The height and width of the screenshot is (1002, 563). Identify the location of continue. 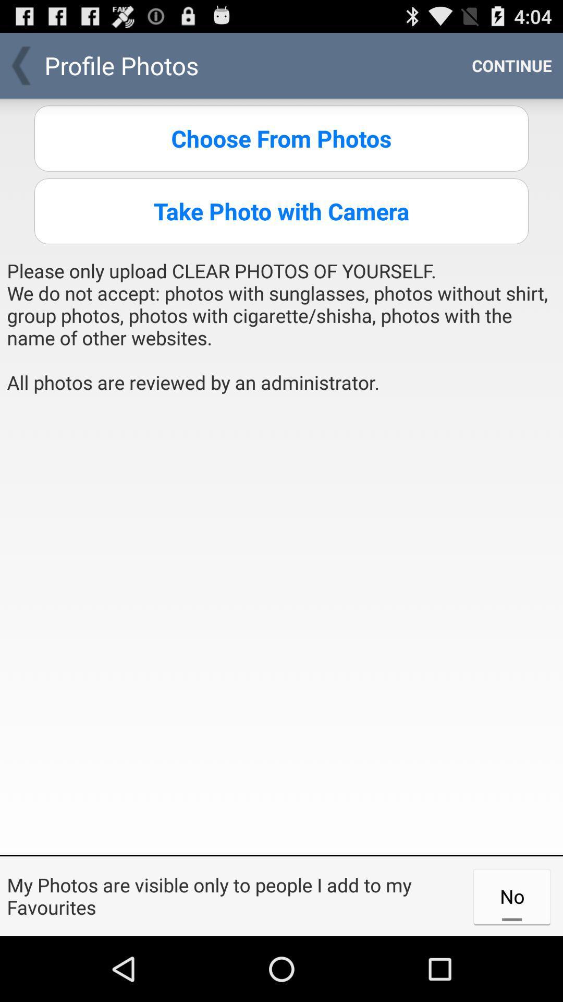
(511, 65).